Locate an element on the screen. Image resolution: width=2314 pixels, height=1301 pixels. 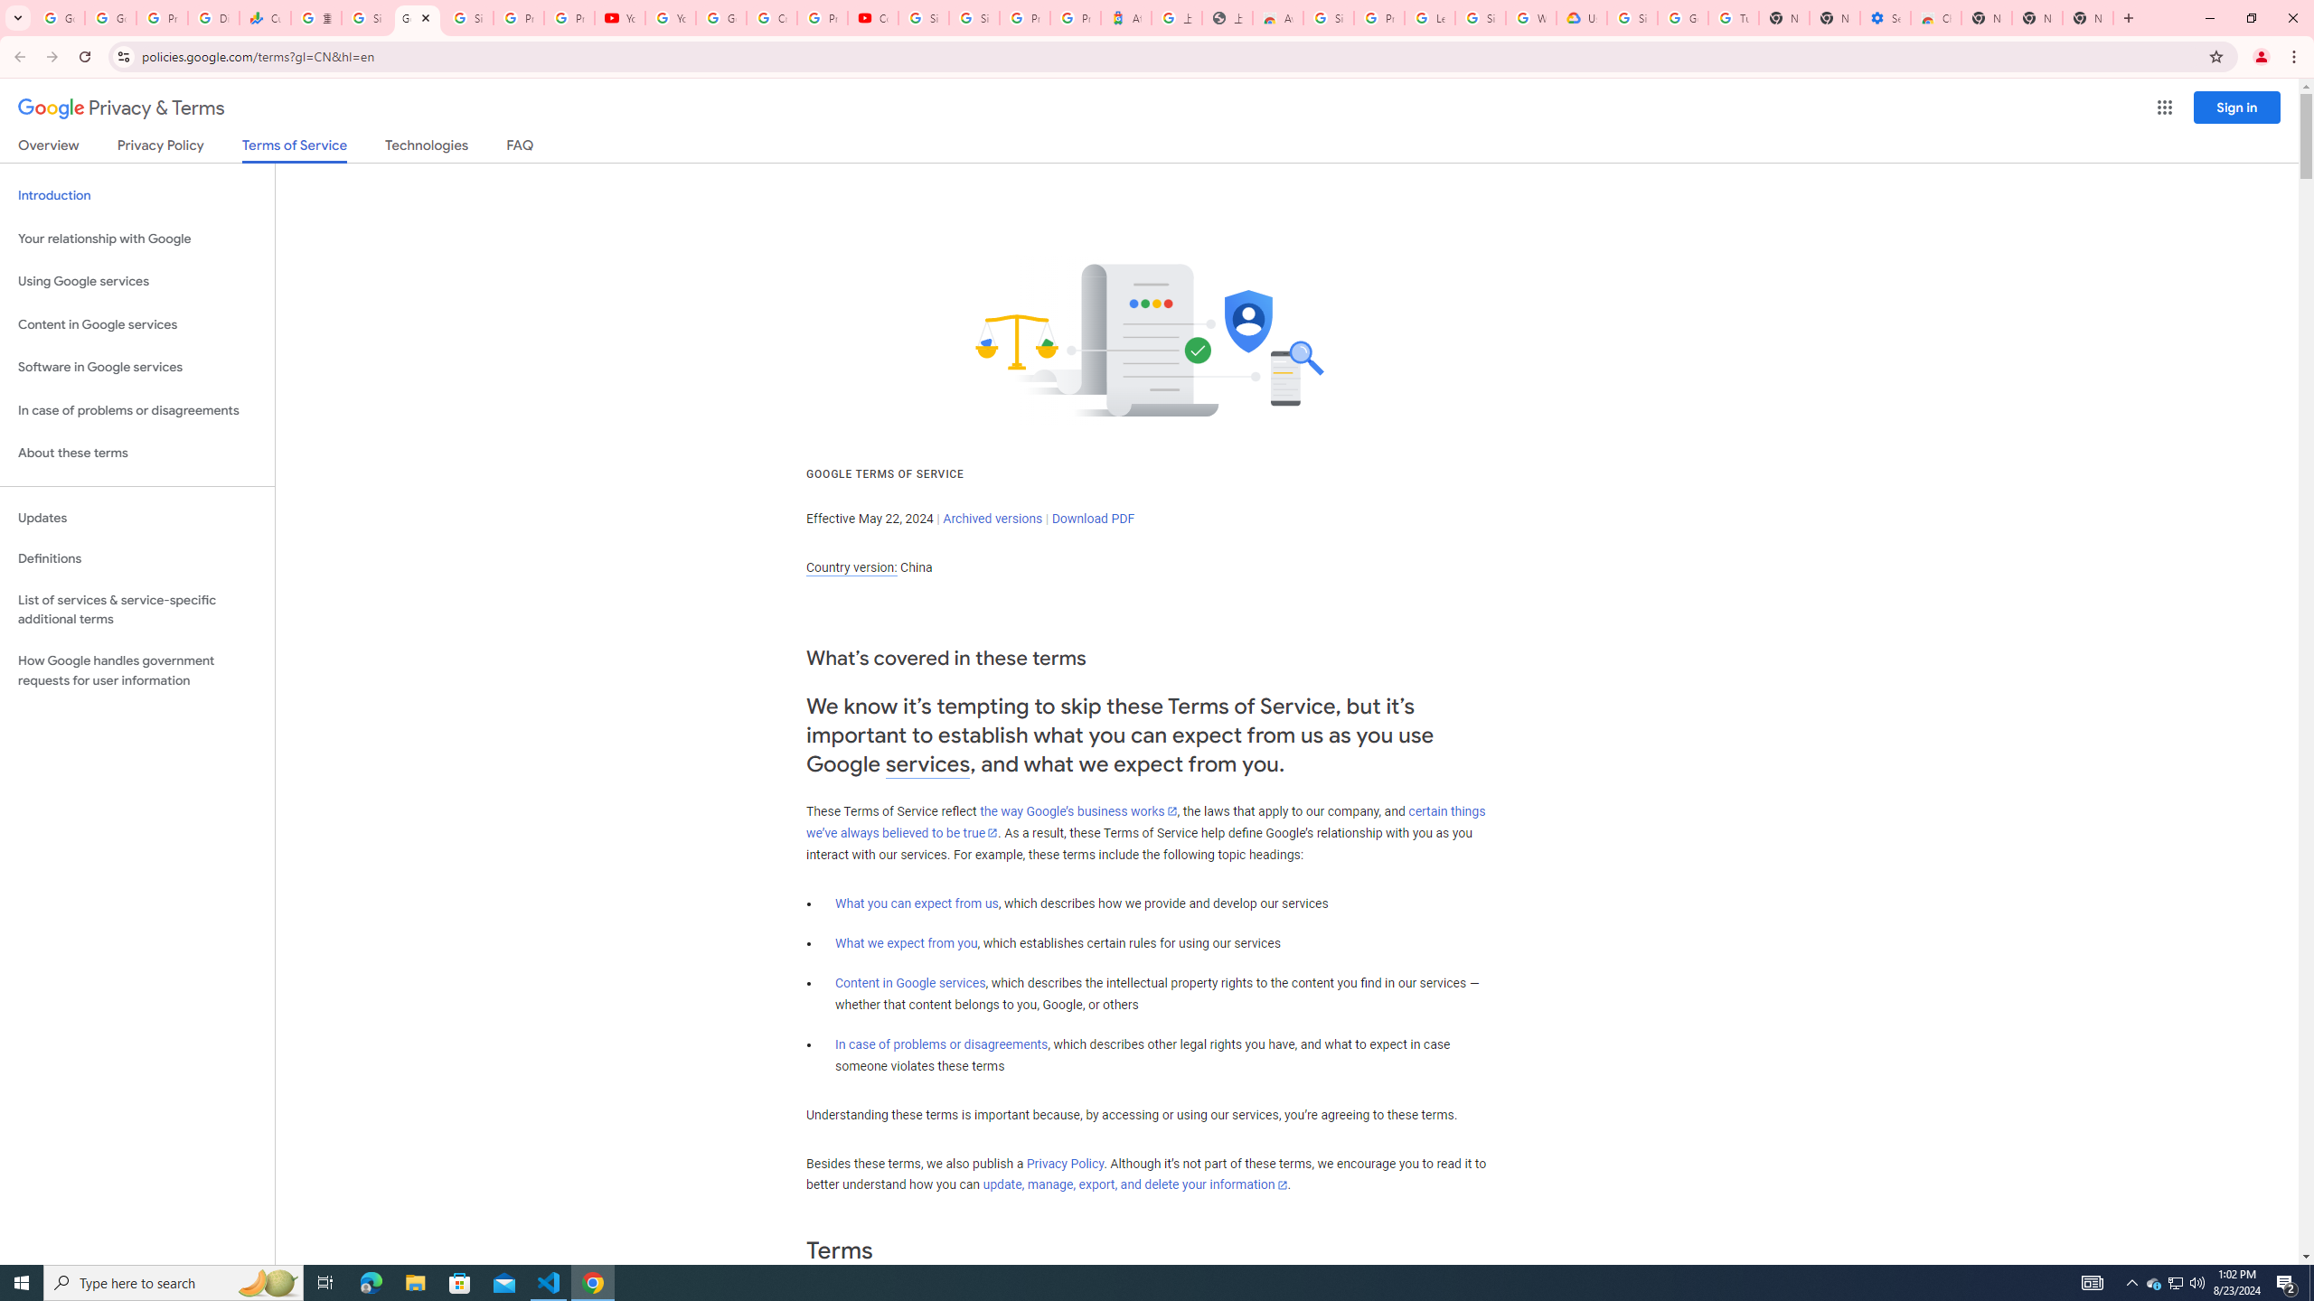
'Overview' is located at coordinates (47, 148).